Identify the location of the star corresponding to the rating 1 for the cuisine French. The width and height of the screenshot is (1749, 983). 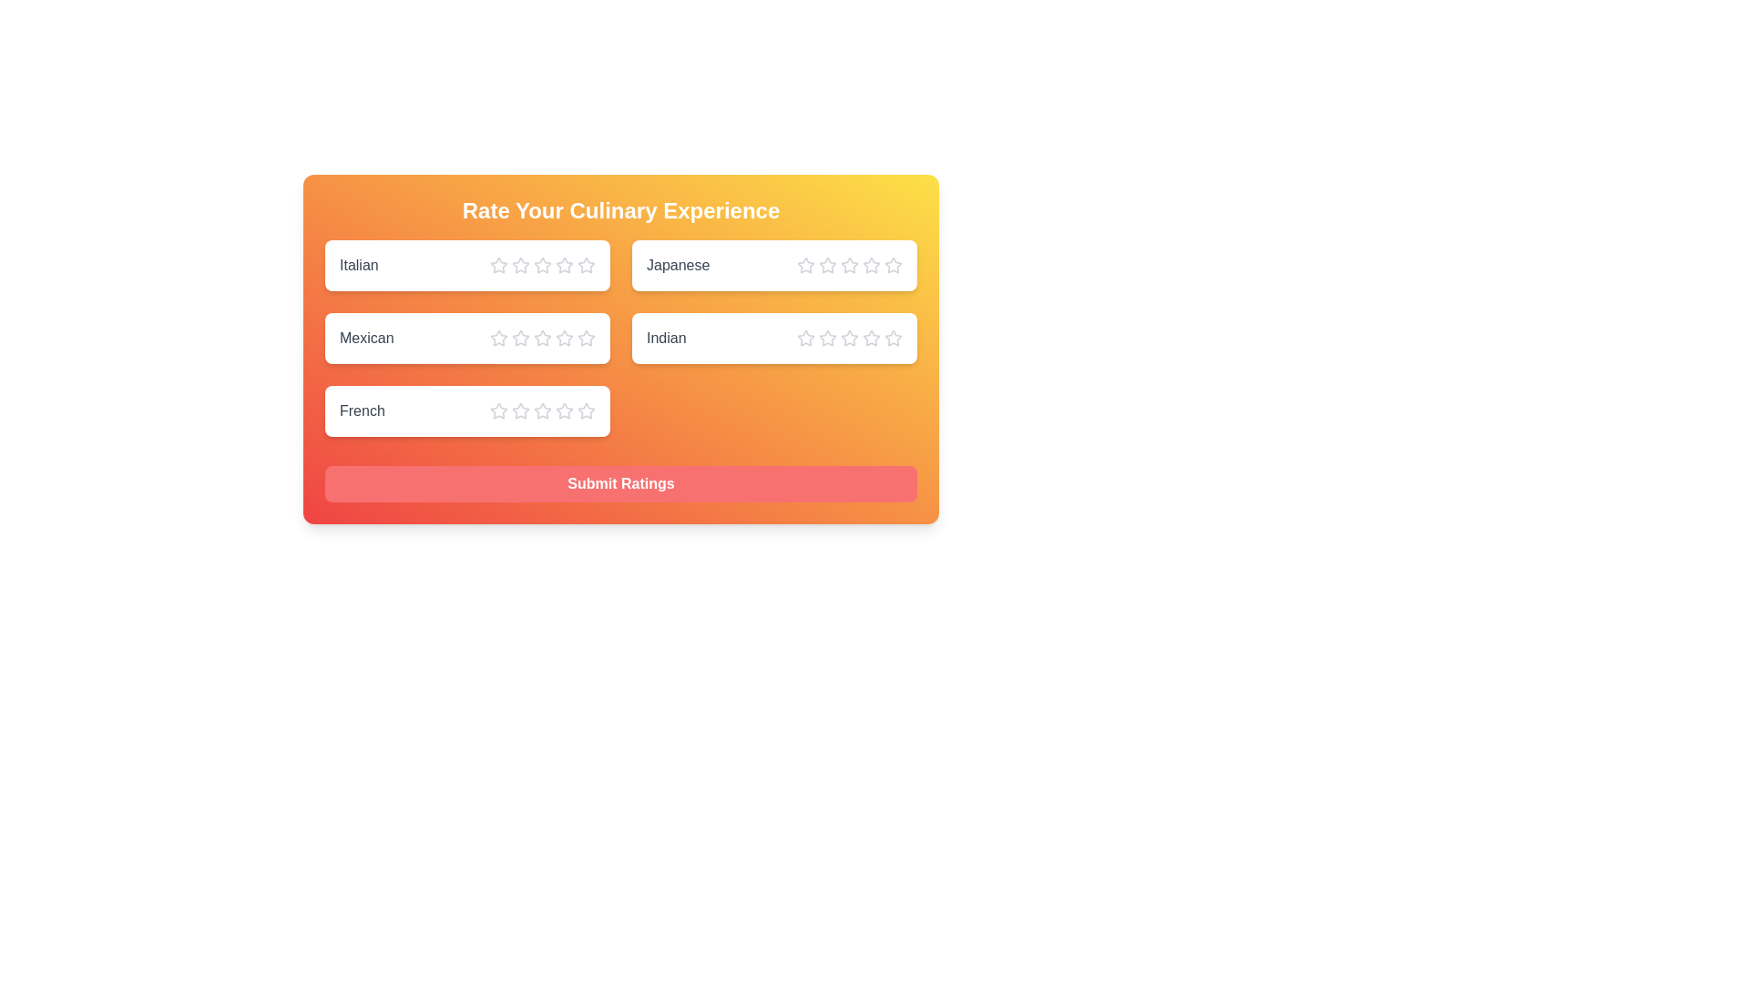
(498, 410).